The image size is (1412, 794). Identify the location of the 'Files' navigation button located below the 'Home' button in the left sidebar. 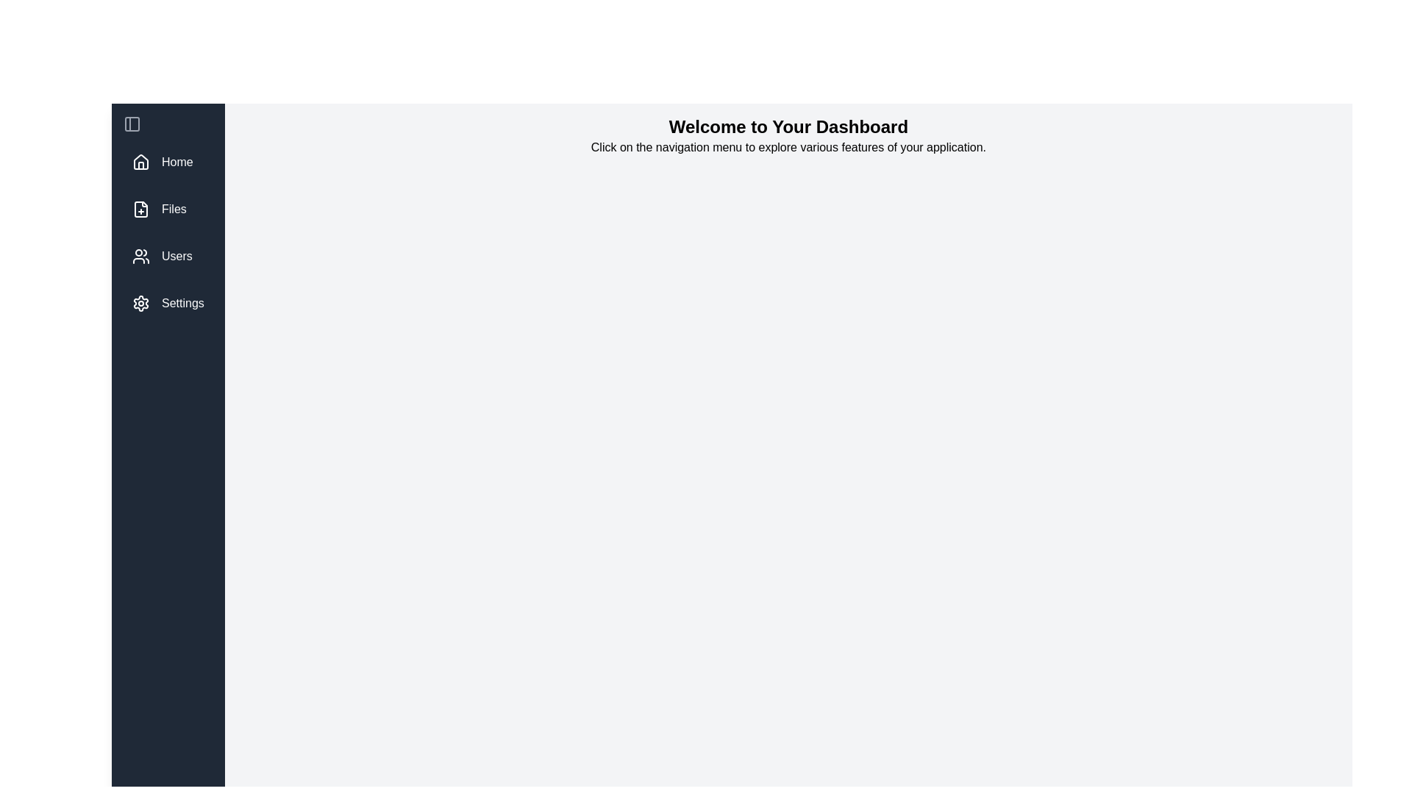
(168, 210).